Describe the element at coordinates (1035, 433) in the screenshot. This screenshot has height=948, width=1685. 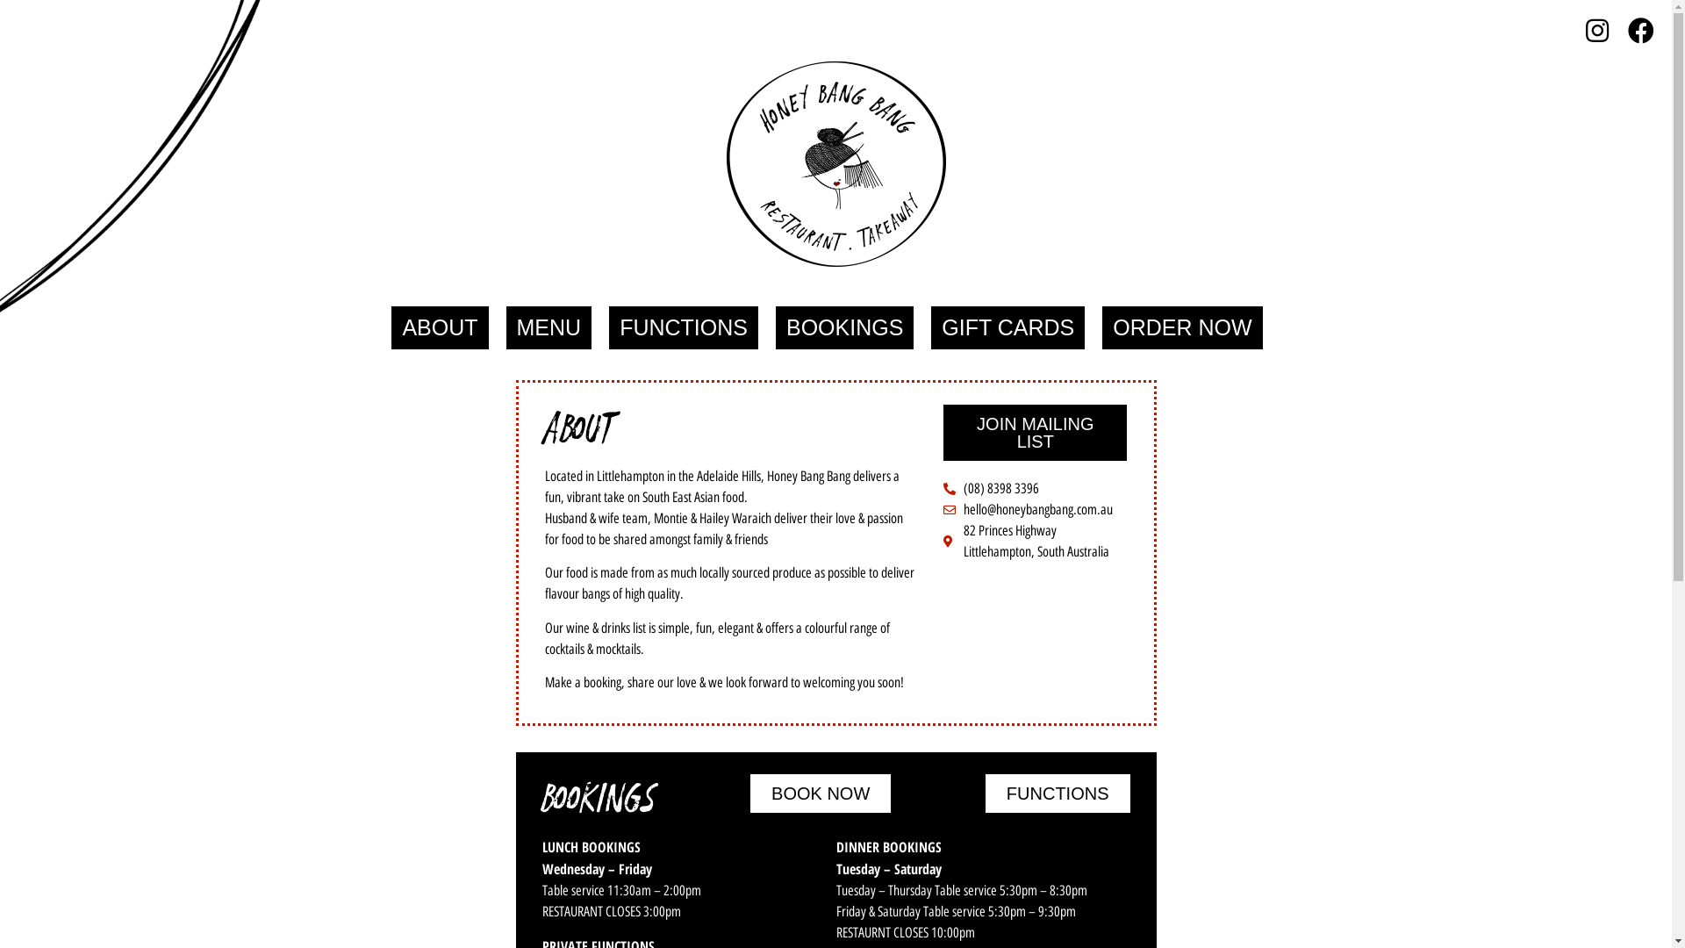
I see `'JOIN MAILING LIST'` at that location.